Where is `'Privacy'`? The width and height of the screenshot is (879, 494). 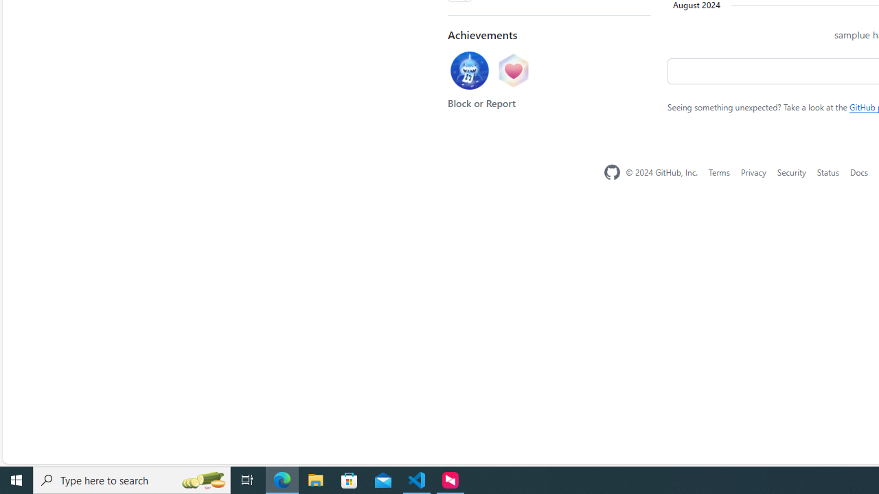 'Privacy' is located at coordinates (752, 172).